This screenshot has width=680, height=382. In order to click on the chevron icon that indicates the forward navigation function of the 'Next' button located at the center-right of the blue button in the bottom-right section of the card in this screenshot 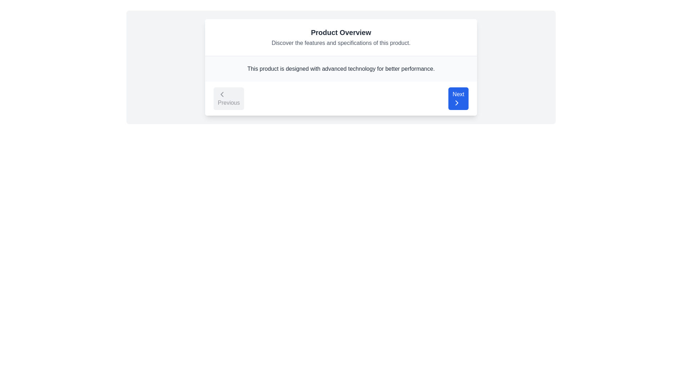, I will do `click(457, 103)`.